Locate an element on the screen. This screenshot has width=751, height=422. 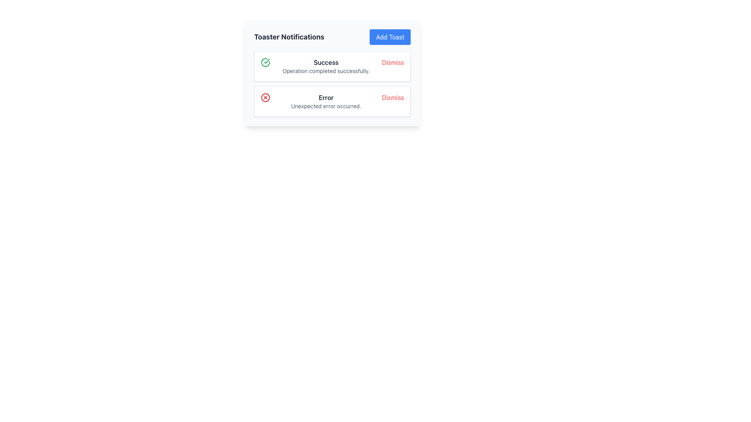
the red circular error icon with a centered 'x' within the error toast notification in the notifications panel, located to the left of the 'Error' label is located at coordinates (265, 97).